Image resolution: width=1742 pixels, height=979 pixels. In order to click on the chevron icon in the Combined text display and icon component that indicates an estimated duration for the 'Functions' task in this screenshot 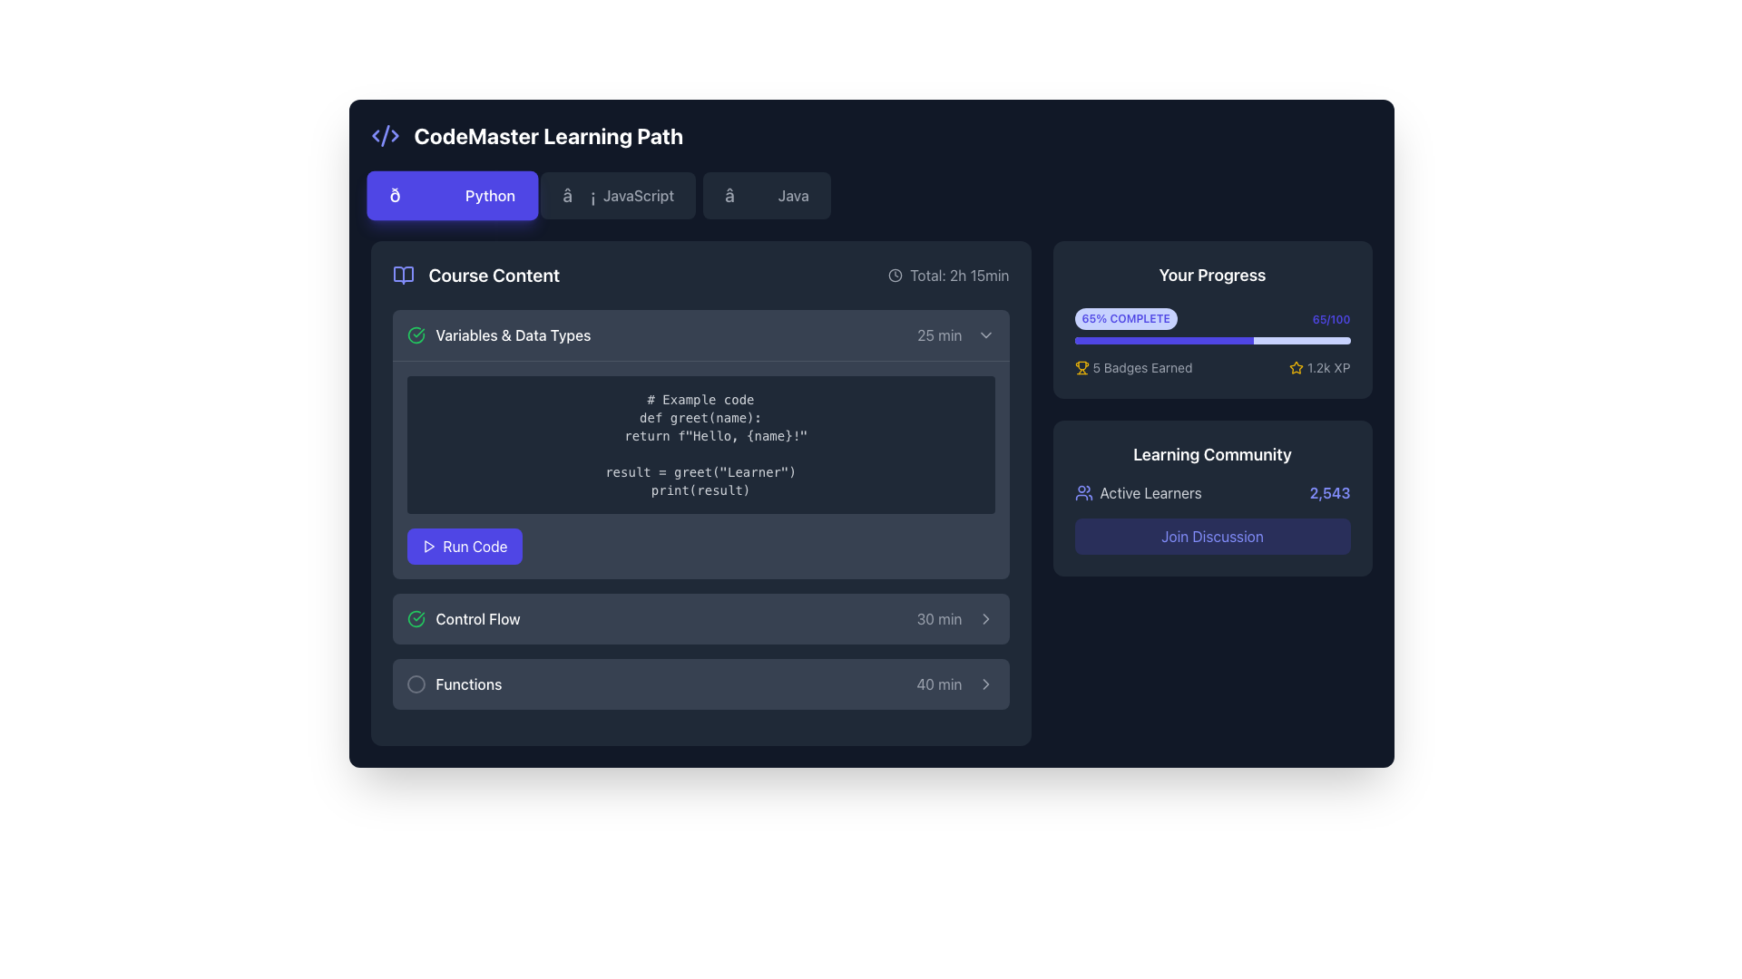, I will do `click(954, 684)`.